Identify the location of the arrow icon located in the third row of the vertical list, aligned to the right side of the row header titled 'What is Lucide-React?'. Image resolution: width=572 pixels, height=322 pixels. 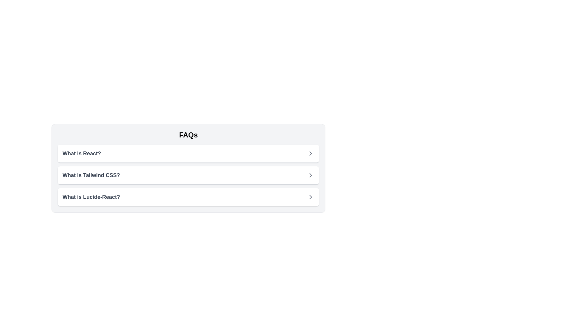
(310, 175).